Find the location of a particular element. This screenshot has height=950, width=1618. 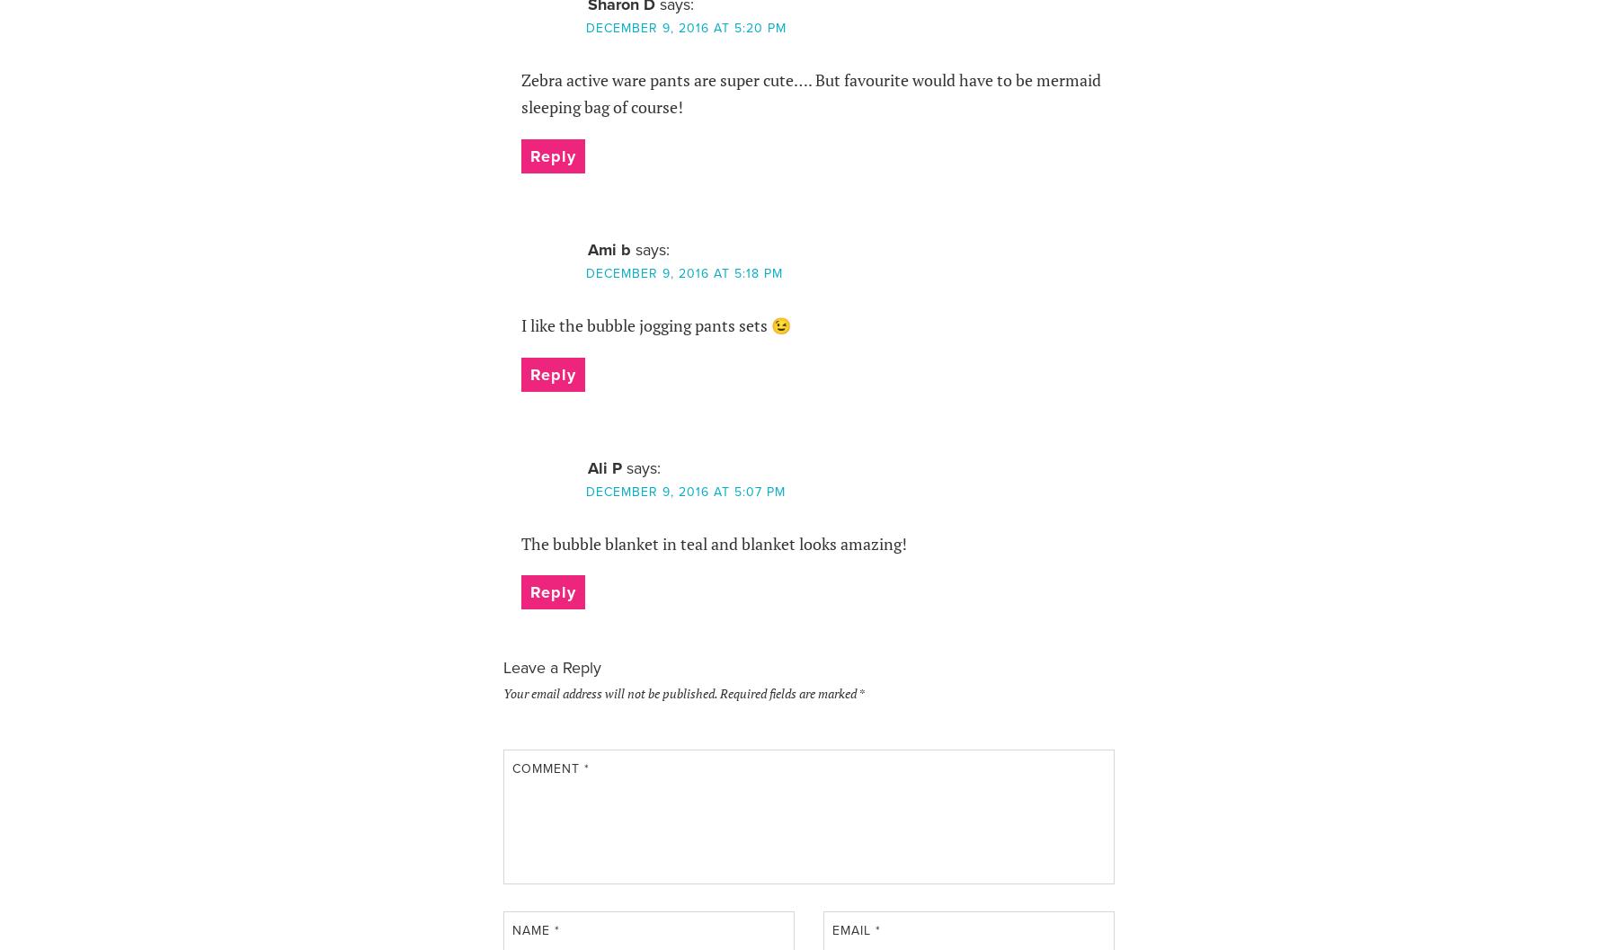

'Leave a Reply' is located at coordinates (551, 666).